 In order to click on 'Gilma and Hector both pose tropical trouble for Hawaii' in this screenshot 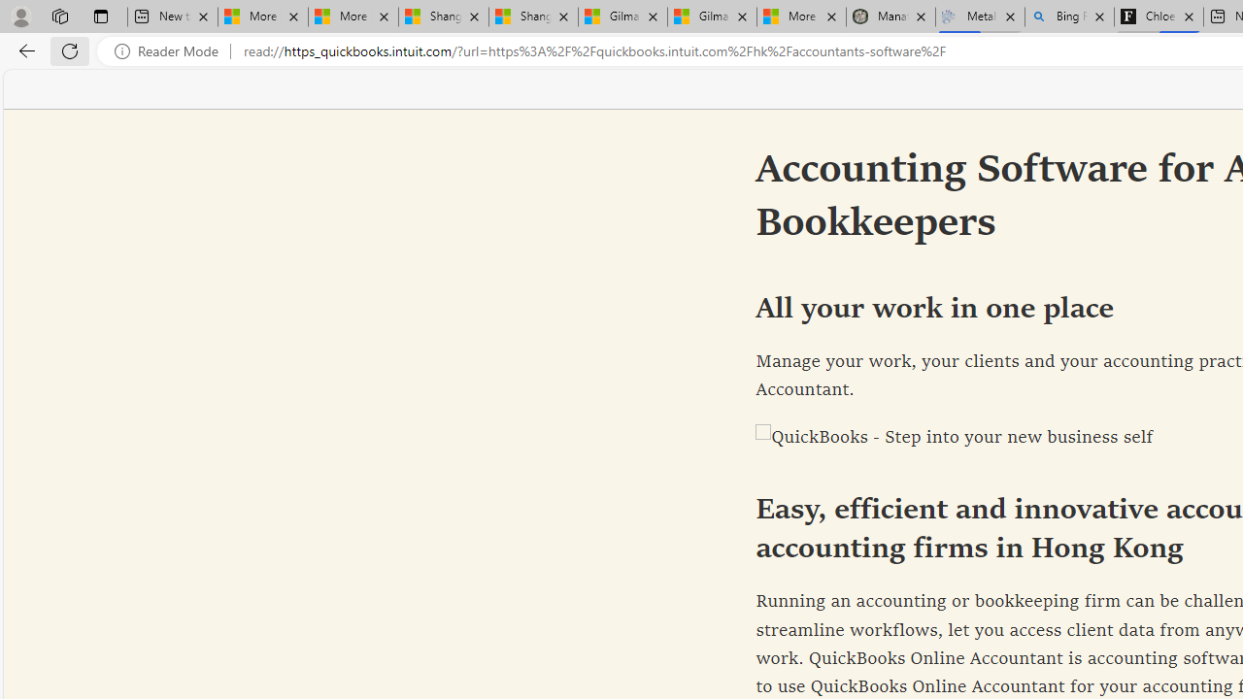, I will do `click(711, 17)`.